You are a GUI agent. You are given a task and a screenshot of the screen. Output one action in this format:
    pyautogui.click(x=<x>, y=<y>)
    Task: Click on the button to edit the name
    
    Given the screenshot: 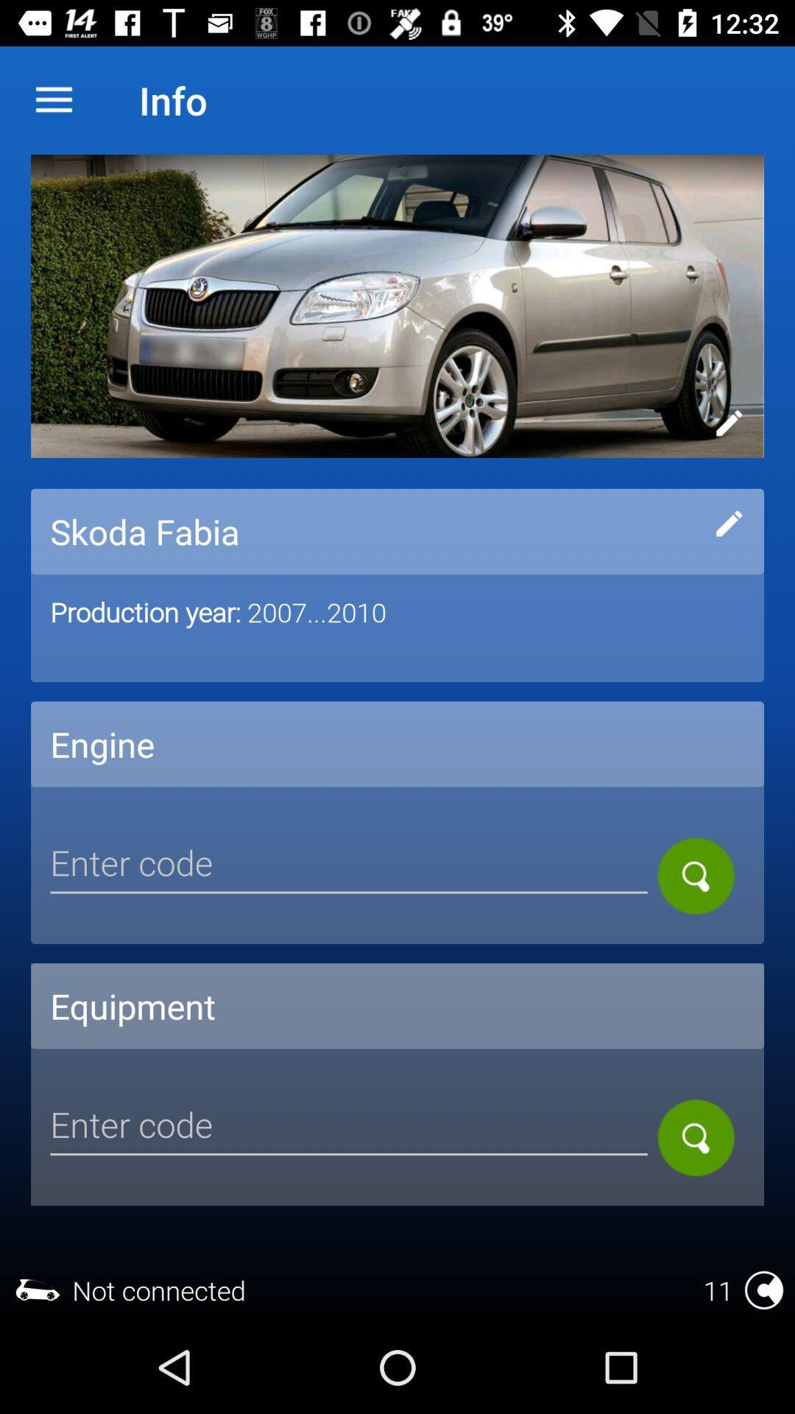 What is the action you would take?
    pyautogui.click(x=729, y=523)
    